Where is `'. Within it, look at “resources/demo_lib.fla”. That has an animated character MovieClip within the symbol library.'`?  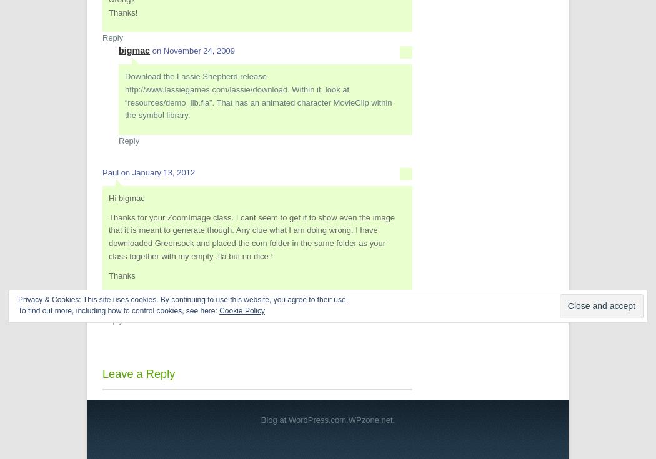 '. Within it, look at “resources/demo_lib.fla”. That has an animated character MovieClip within the symbol library.' is located at coordinates (257, 102).